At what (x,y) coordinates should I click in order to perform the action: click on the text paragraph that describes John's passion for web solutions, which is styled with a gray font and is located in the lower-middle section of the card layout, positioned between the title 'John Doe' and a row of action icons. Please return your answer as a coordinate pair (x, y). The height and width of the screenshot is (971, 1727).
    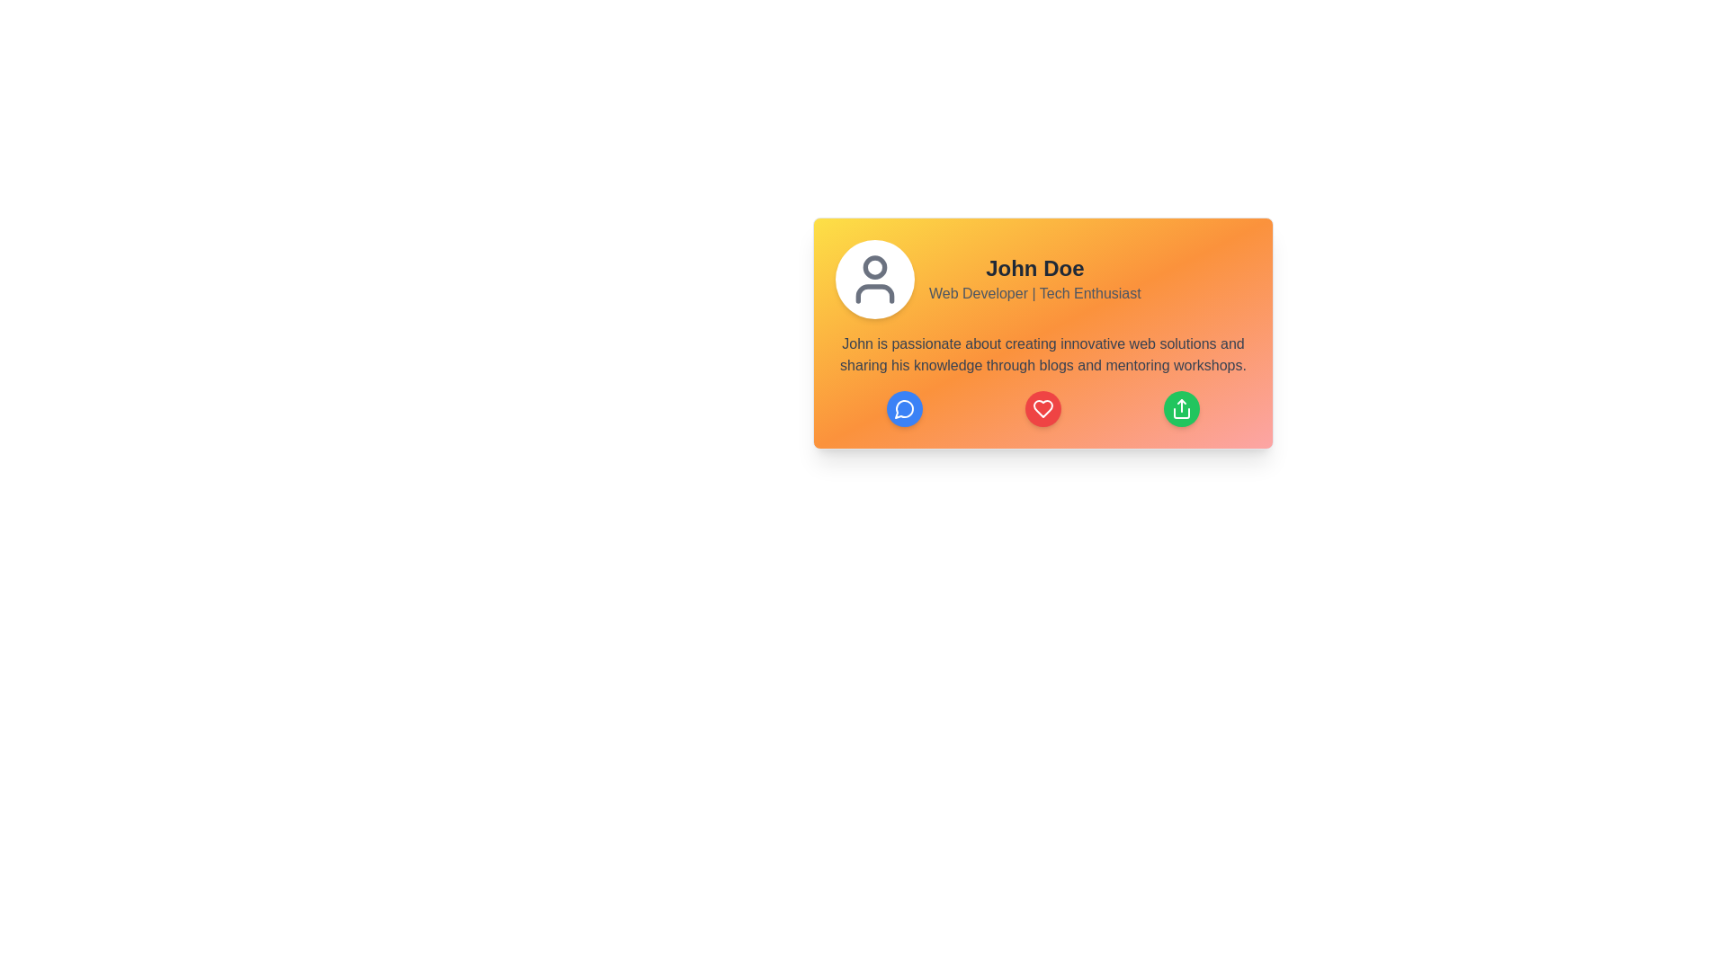
    Looking at the image, I should click on (1043, 354).